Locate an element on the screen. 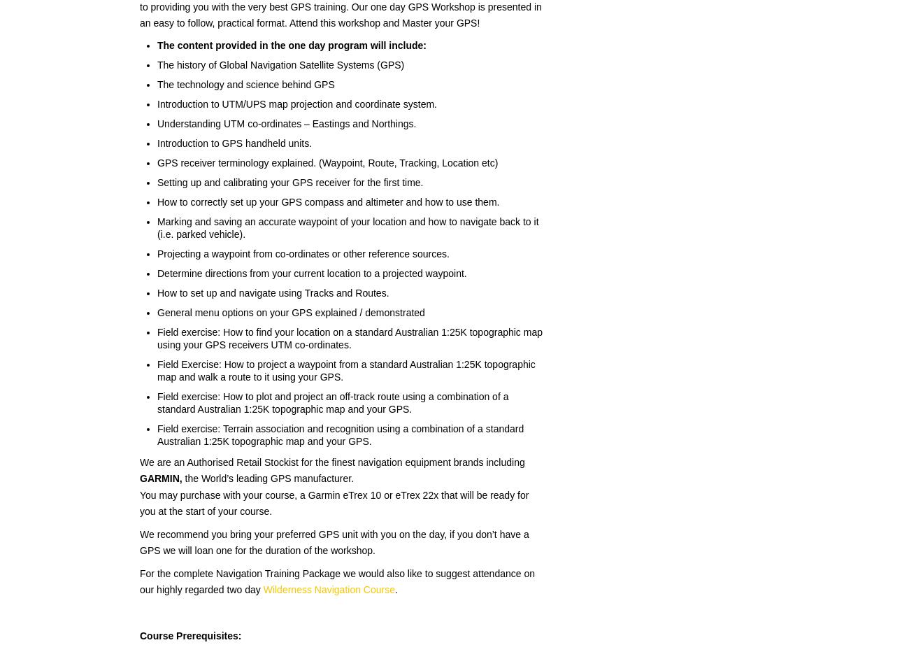  'How to set up and navigate using Tracks and Routes.' is located at coordinates (273, 292).